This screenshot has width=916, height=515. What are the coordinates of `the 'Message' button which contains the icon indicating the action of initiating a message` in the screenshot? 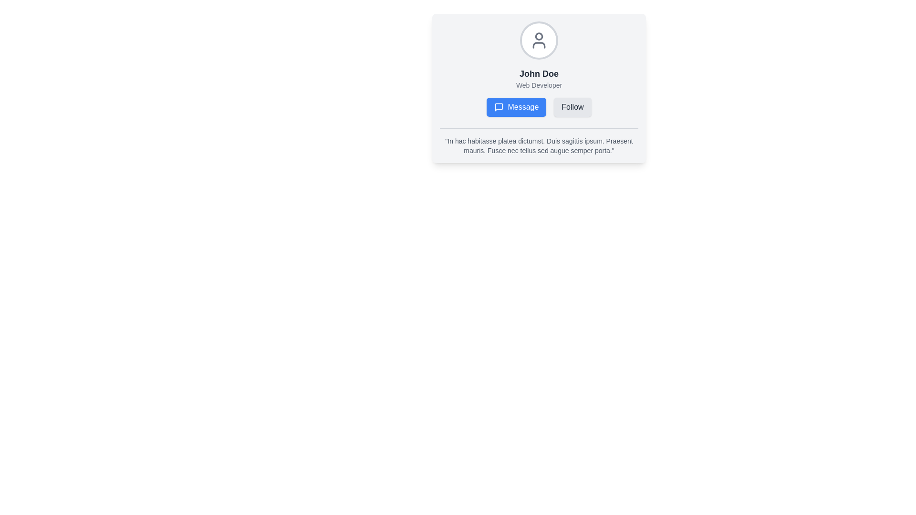 It's located at (499, 107).